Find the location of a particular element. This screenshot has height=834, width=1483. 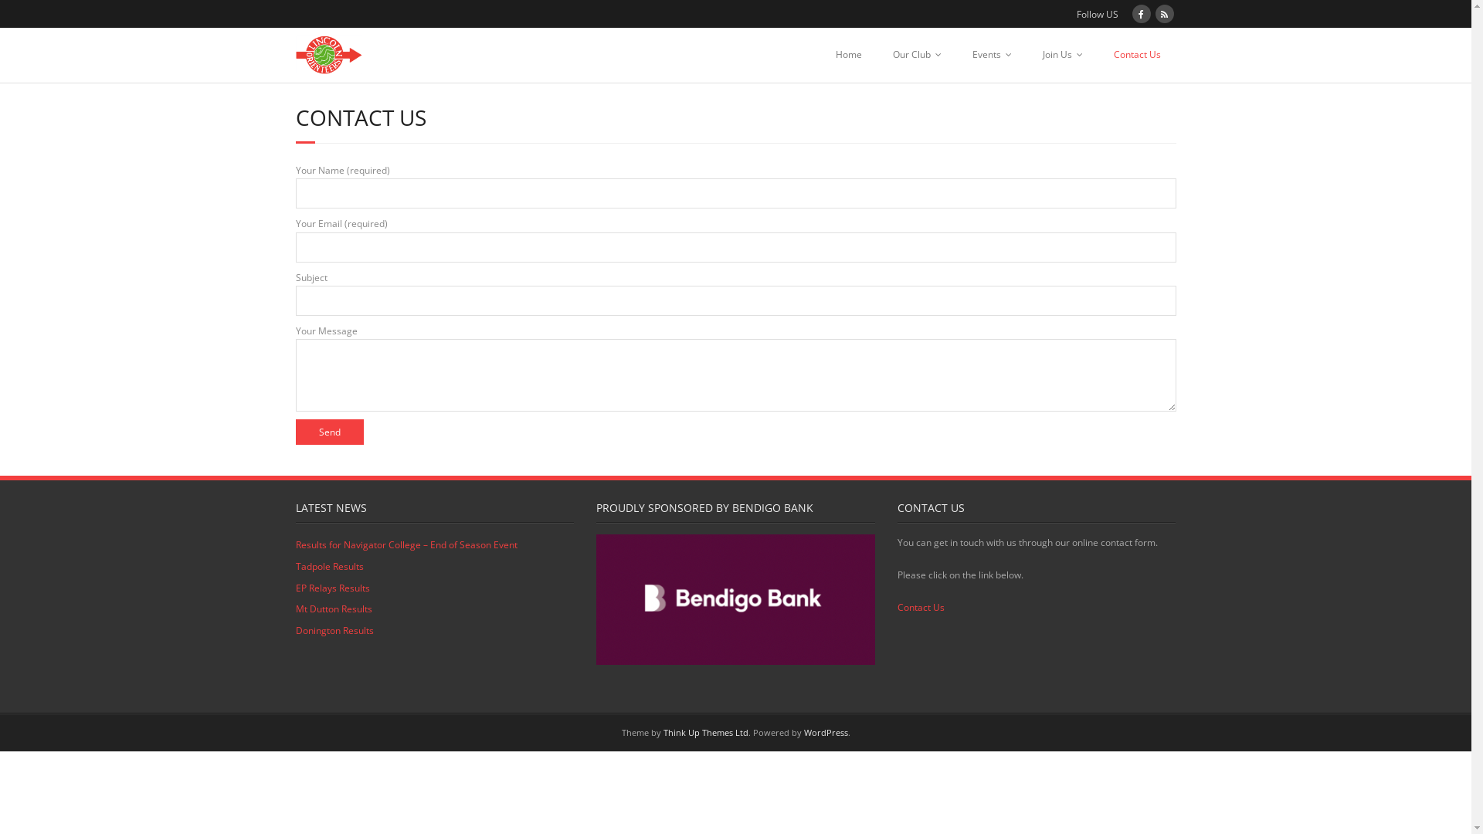

'Contact Us' is located at coordinates (921, 606).